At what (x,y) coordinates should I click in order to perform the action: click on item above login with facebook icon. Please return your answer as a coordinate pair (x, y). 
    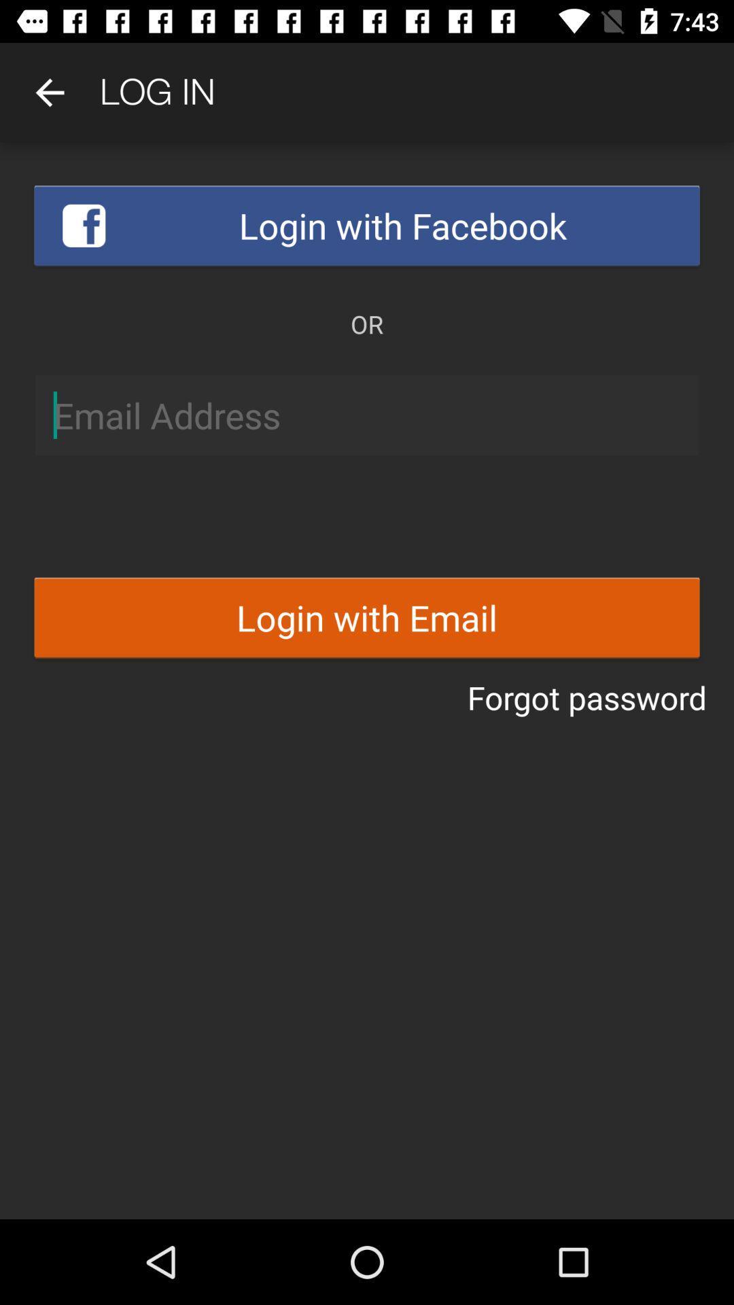
    Looking at the image, I should click on (49, 92).